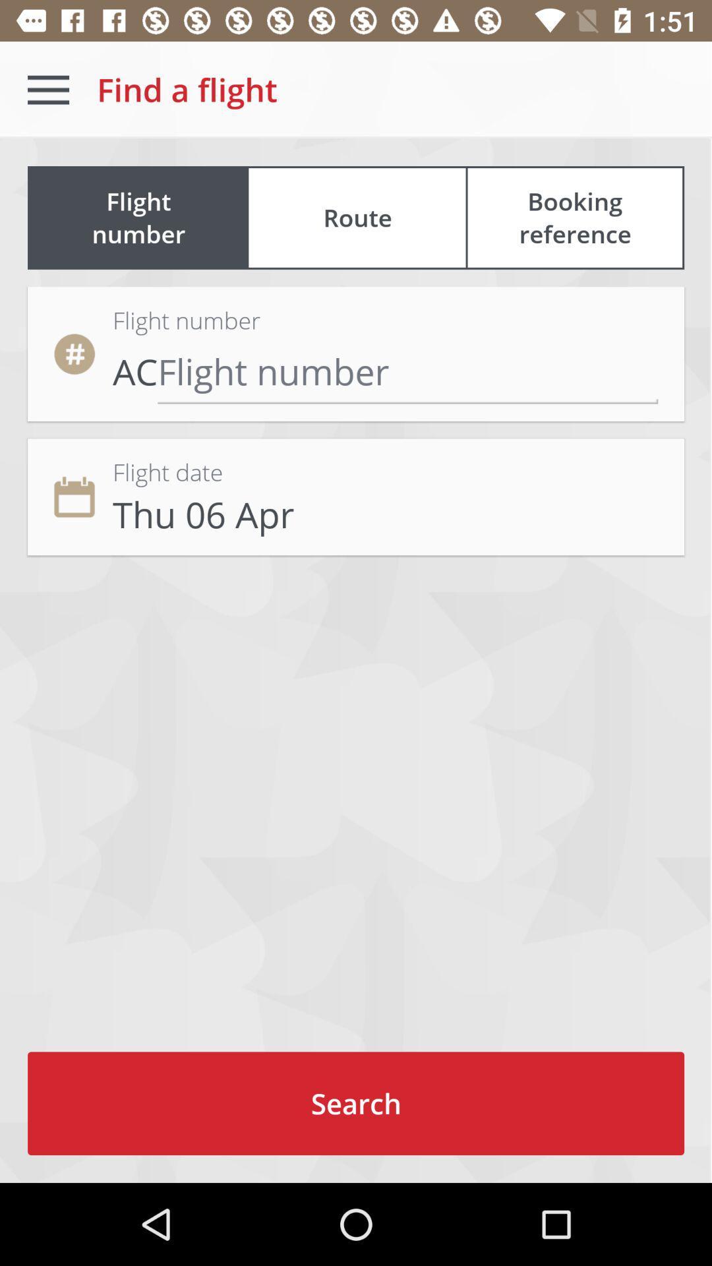  What do you see at coordinates (356, 1103) in the screenshot?
I see `search` at bounding box center [356, 1103].